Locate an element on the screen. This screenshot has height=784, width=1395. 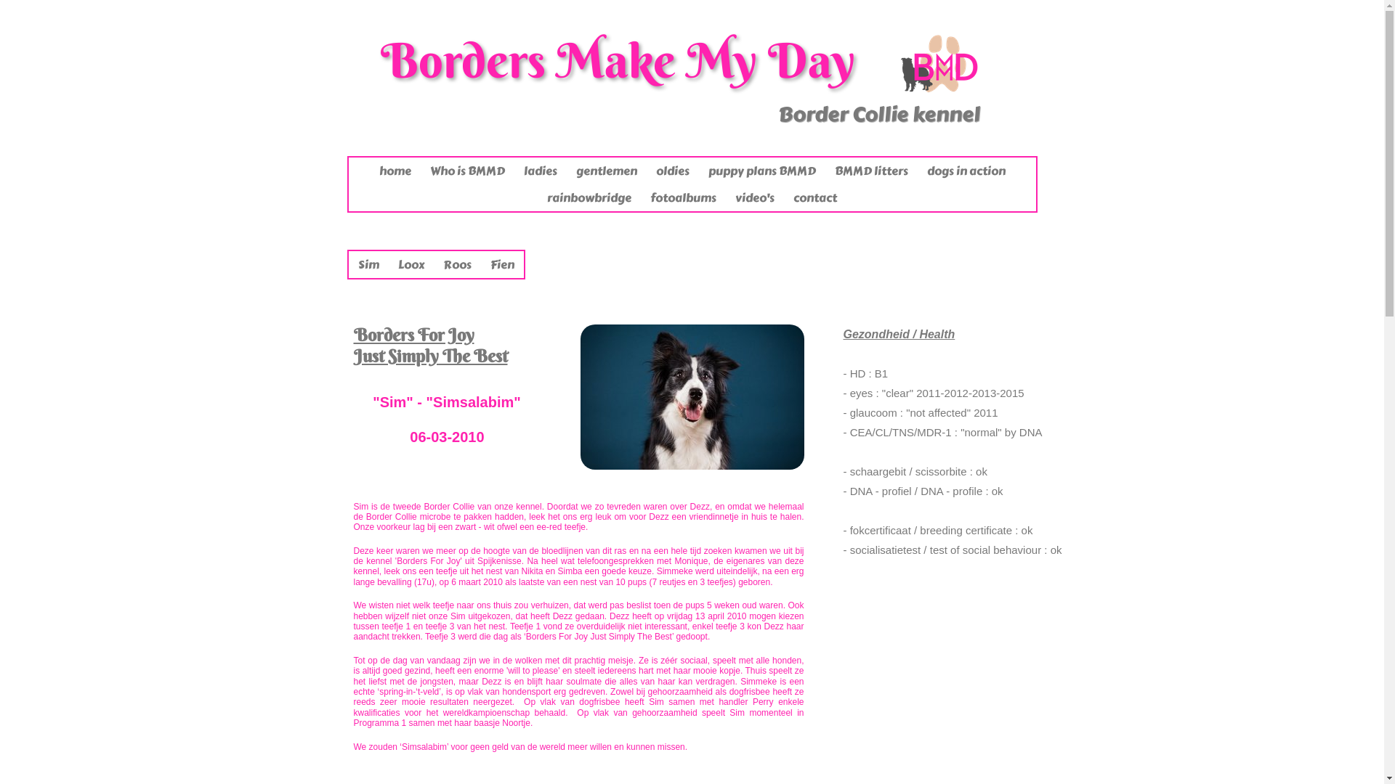
'BMMD litters' is located at coordinates (871, 170).